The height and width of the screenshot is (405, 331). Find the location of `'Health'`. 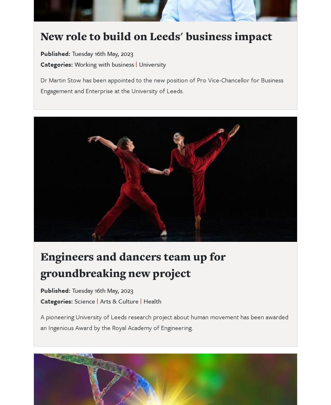

'Health' is located at coordinates (152, 300).